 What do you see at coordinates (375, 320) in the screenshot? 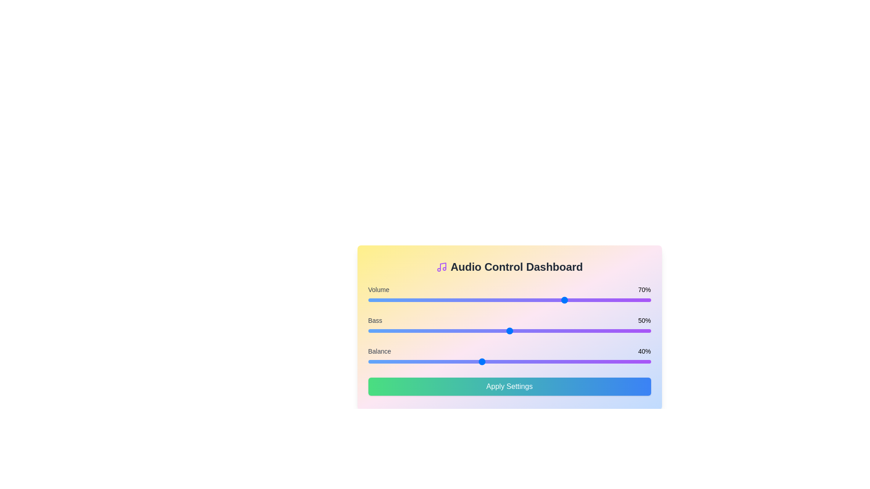
I see `the text label displaying 'Bass', which is styled in gray and positioned between the 'Volume' and 'Balance' labels on the dashboard` at bounding box center [375, 320].